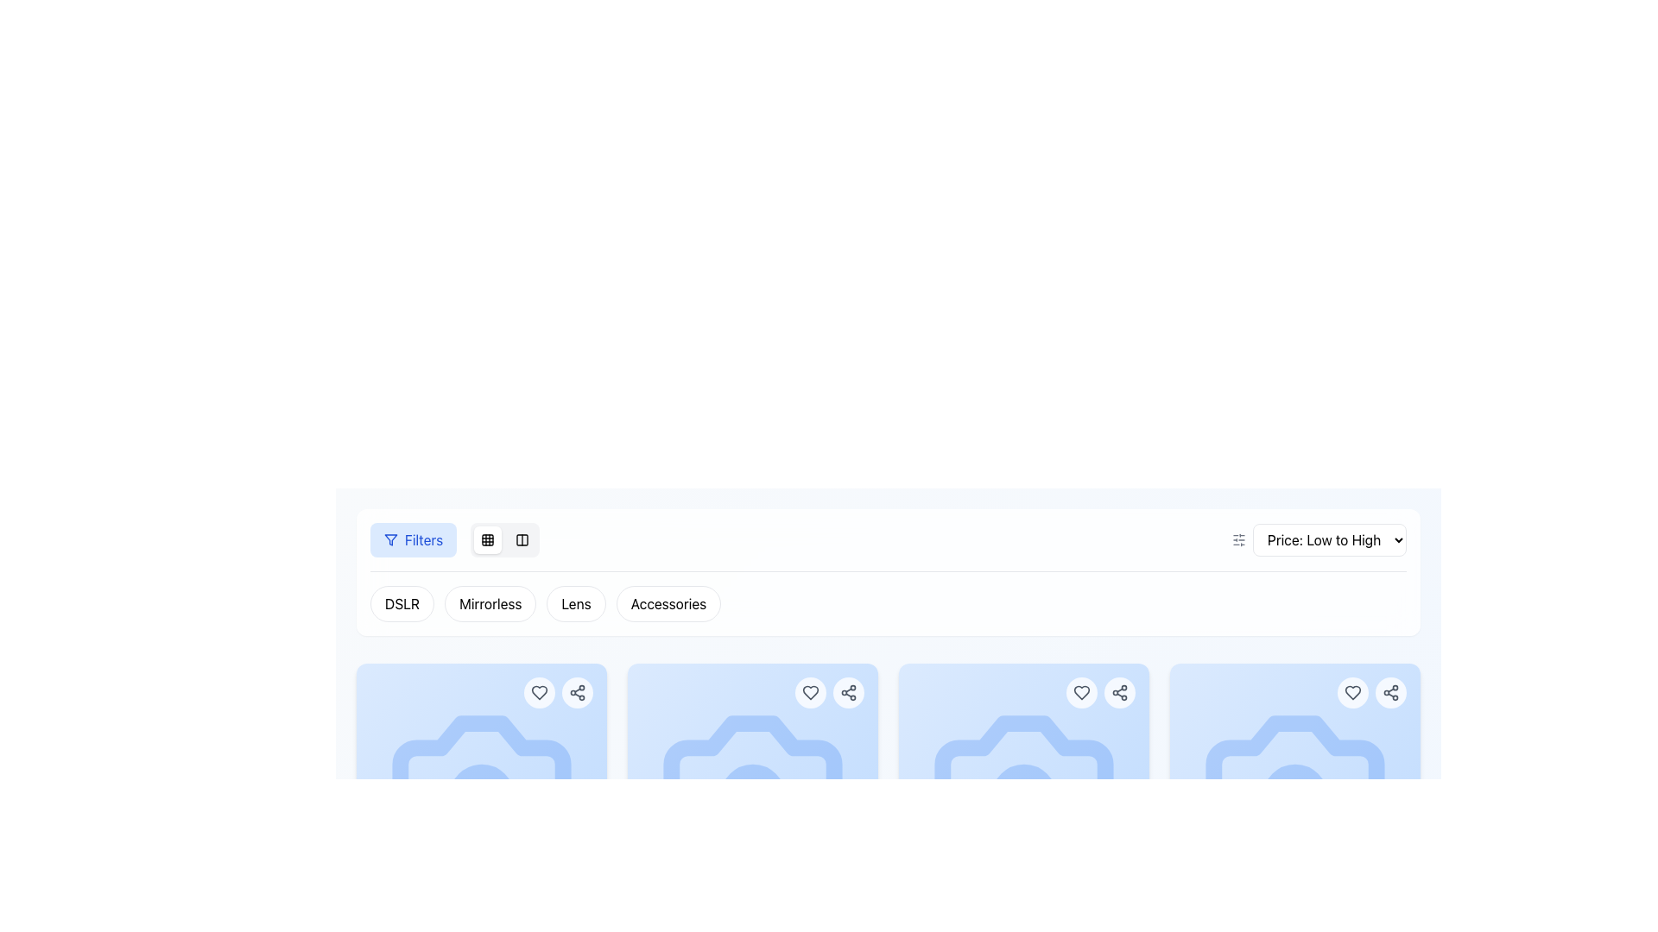 The image size is (1658, 932). What do you see at coordinates (668, 602) in the screenshot?
I see `the 'Accessories' button, which is the fourth button in a horizontal row, located to the right of the 'Lens' button` at bounding box center [668, 602].